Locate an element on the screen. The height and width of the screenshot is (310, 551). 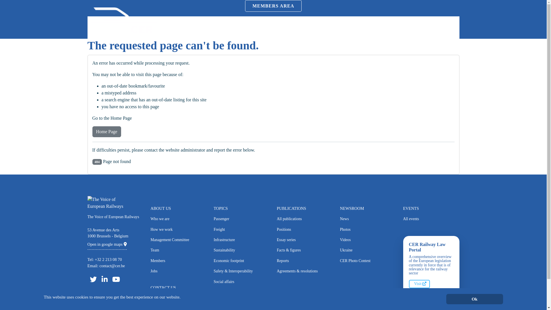
'Contact Us' is located at coordinates (178, 298).